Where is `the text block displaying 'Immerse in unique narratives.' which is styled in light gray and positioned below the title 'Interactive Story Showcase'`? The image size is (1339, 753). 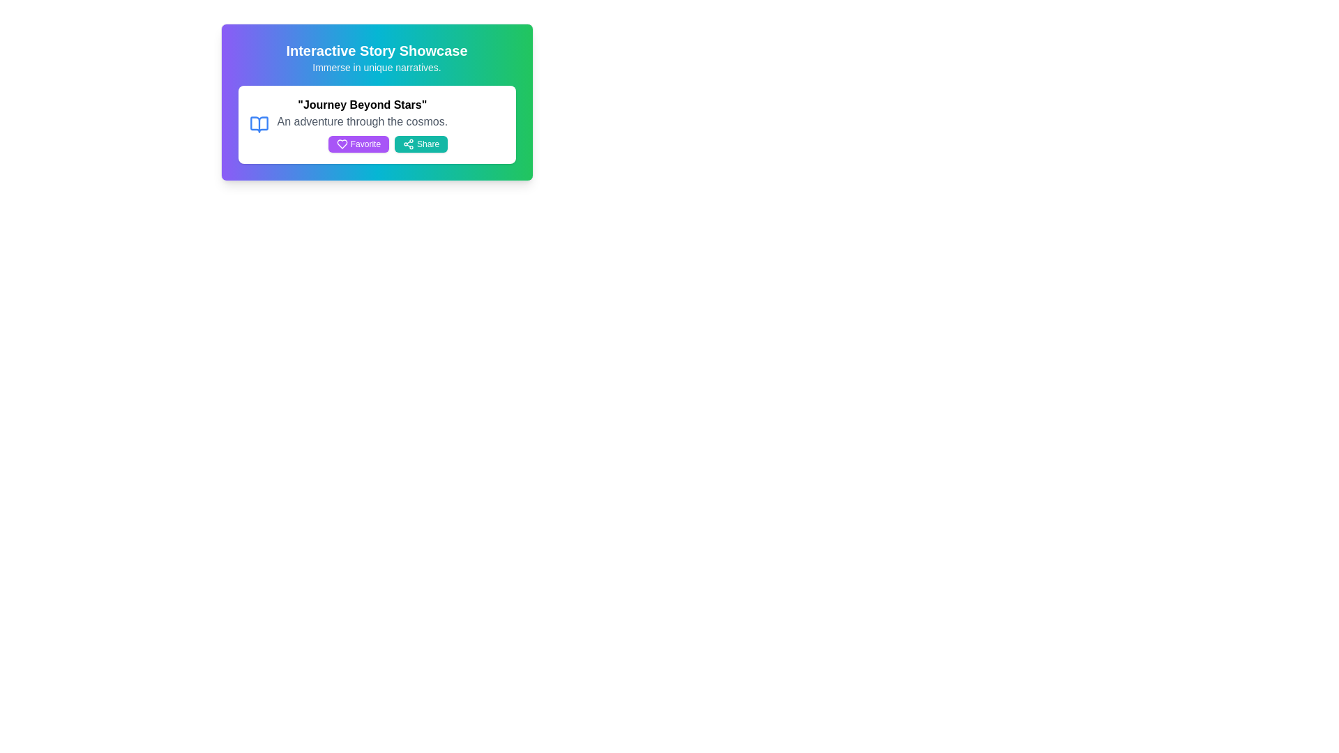
the text block displaying 'Immerse in unique narratives.' which is styled in light gray and positioned below the title 'Interactive Story Showcase' is located at coordinates (377, 67).